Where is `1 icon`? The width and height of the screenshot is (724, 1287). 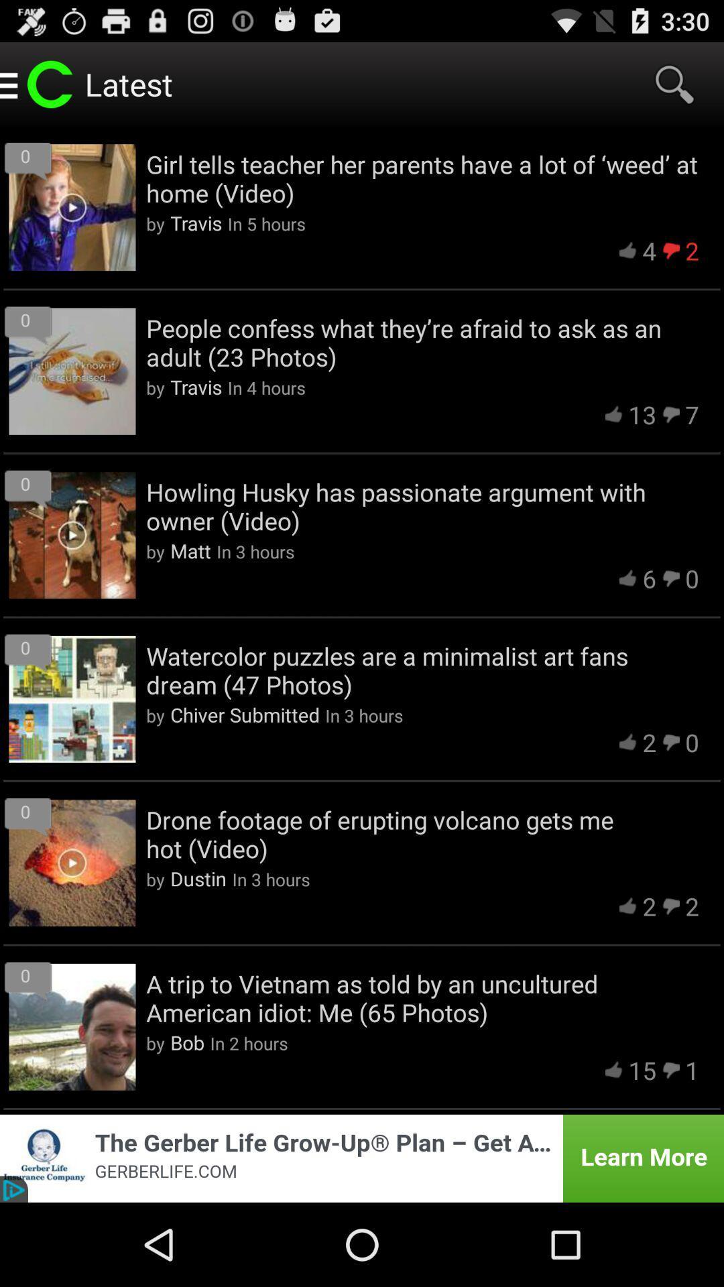 1 icon is located at coordinates (692, 1069).